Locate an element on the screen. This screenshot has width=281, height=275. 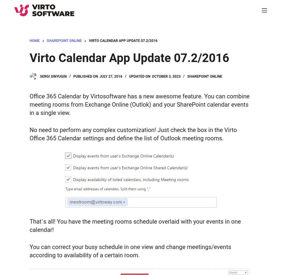
'Professional Services' is located at coordinates (42, 110).